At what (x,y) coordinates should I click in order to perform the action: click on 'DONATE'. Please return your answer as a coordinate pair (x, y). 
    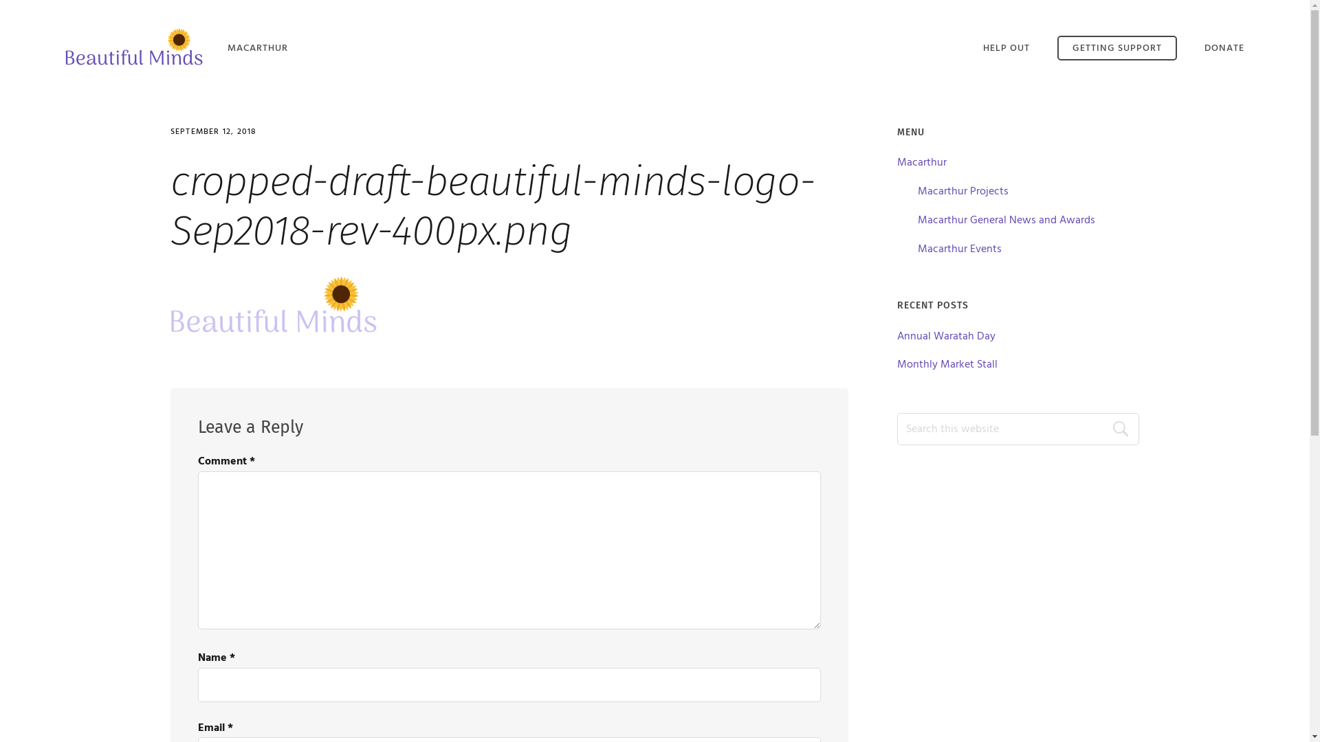
    Looking at the image, I should click on (1224, 47).